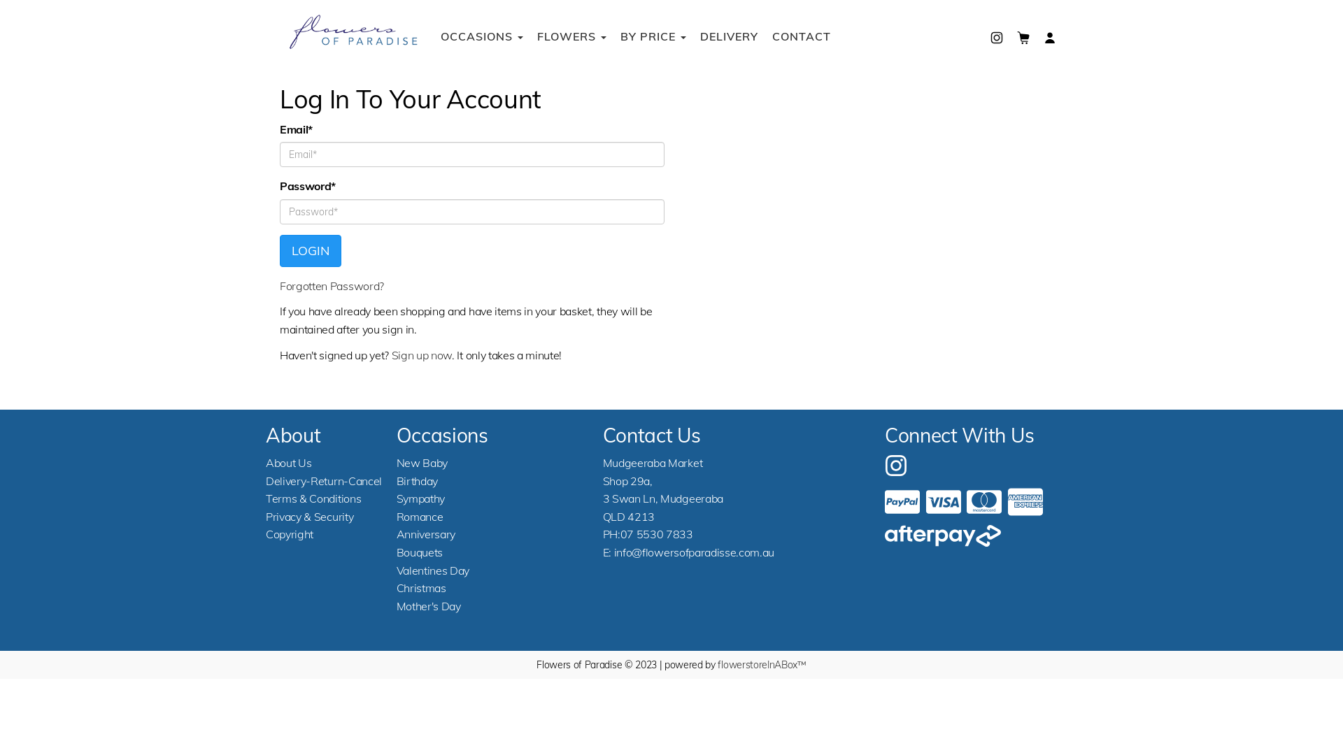  Describe the element at coordinates (287, 463) in the screenshot. I see `'About Us'` at that location.